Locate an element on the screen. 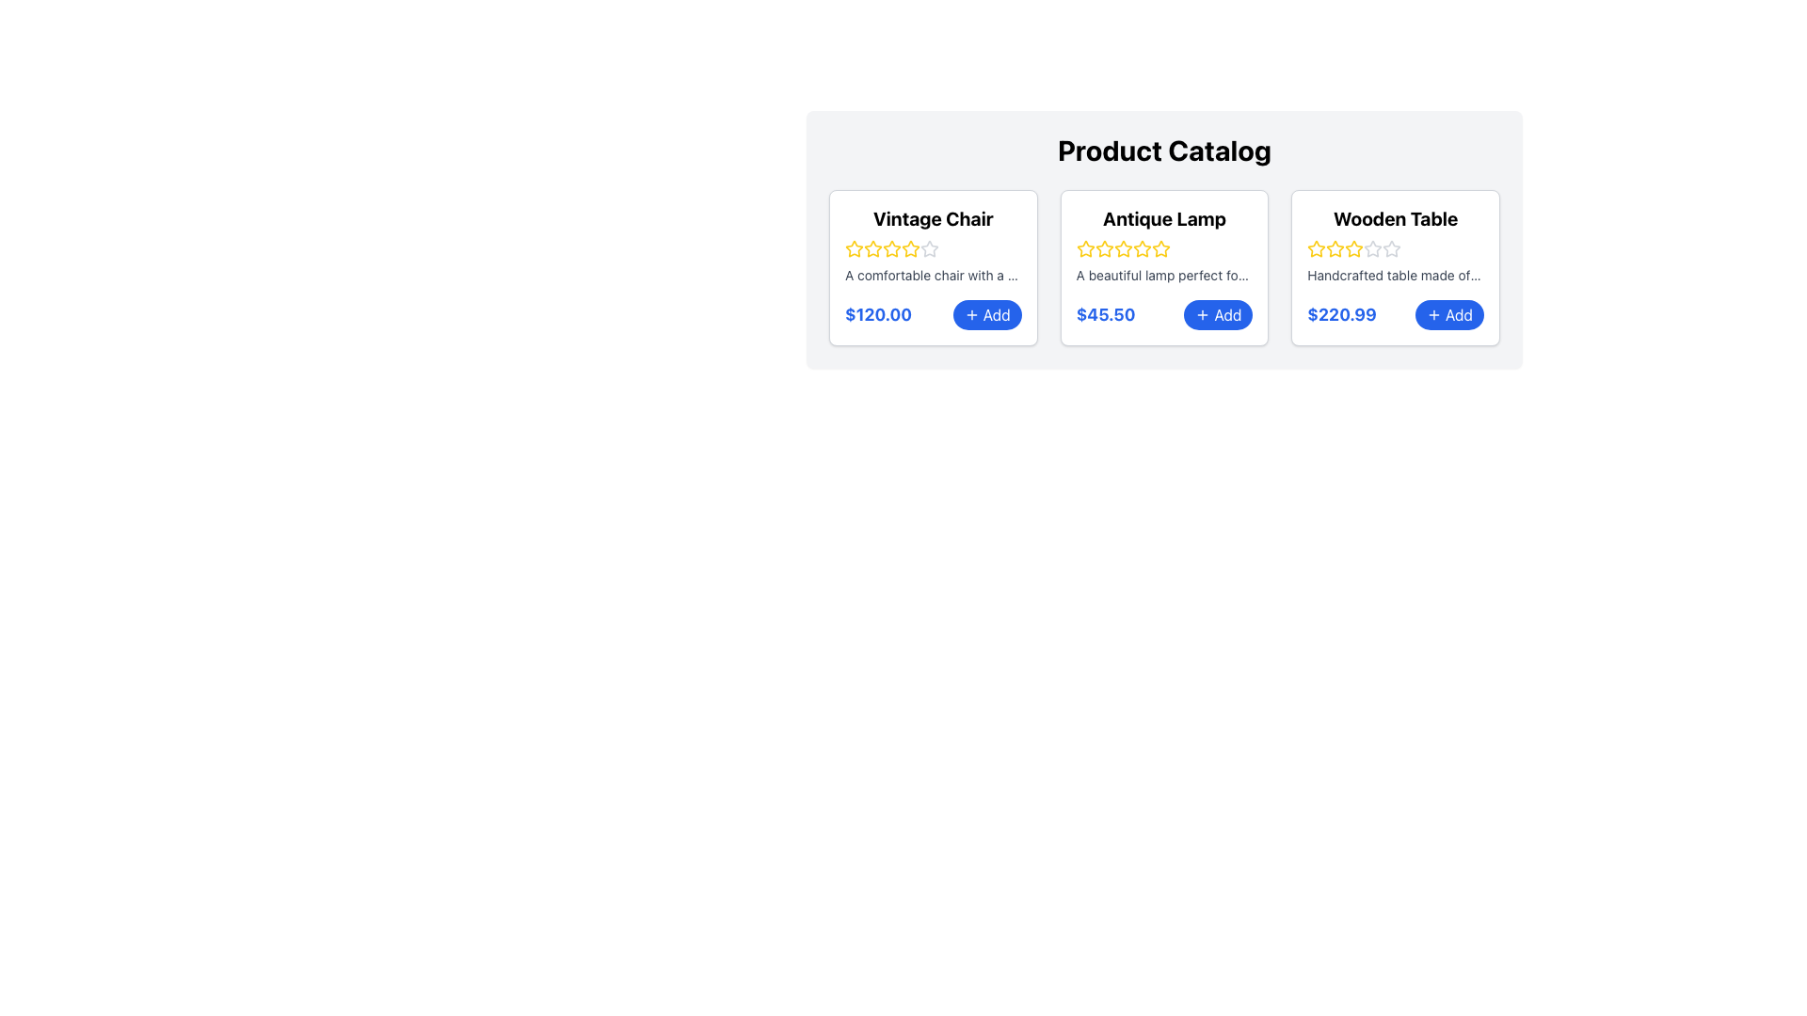  the first star icon in the rating component of the 'Antique Lamp' product card located in the 'Product Catalog' is located at coordinates (1085, 248).